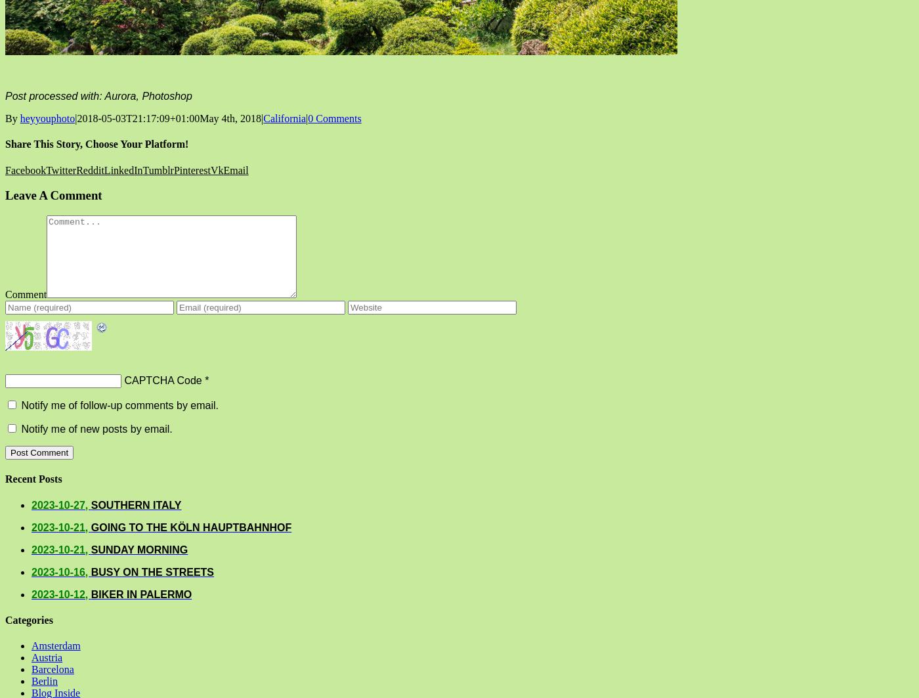 The height and width of the screenshot is (698, 919). What do you see at coordinates (235, 169) in the screenshot?
I see `'Email'` at bounding box center [235, 169].